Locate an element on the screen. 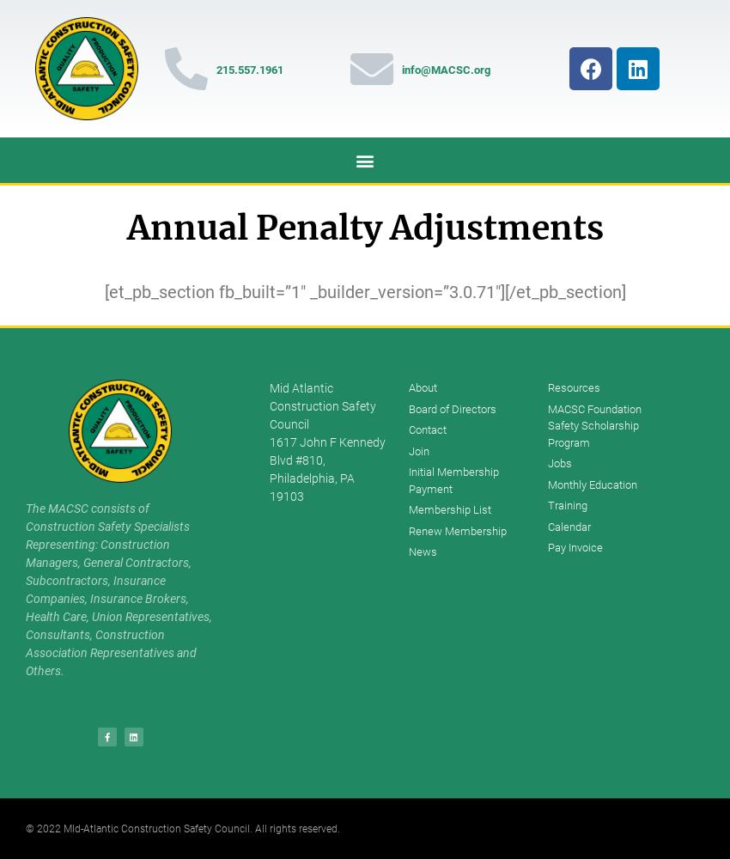 This screenshot has width=730, height=859. 'Renew Membership' is located at coordinates (456, 529).